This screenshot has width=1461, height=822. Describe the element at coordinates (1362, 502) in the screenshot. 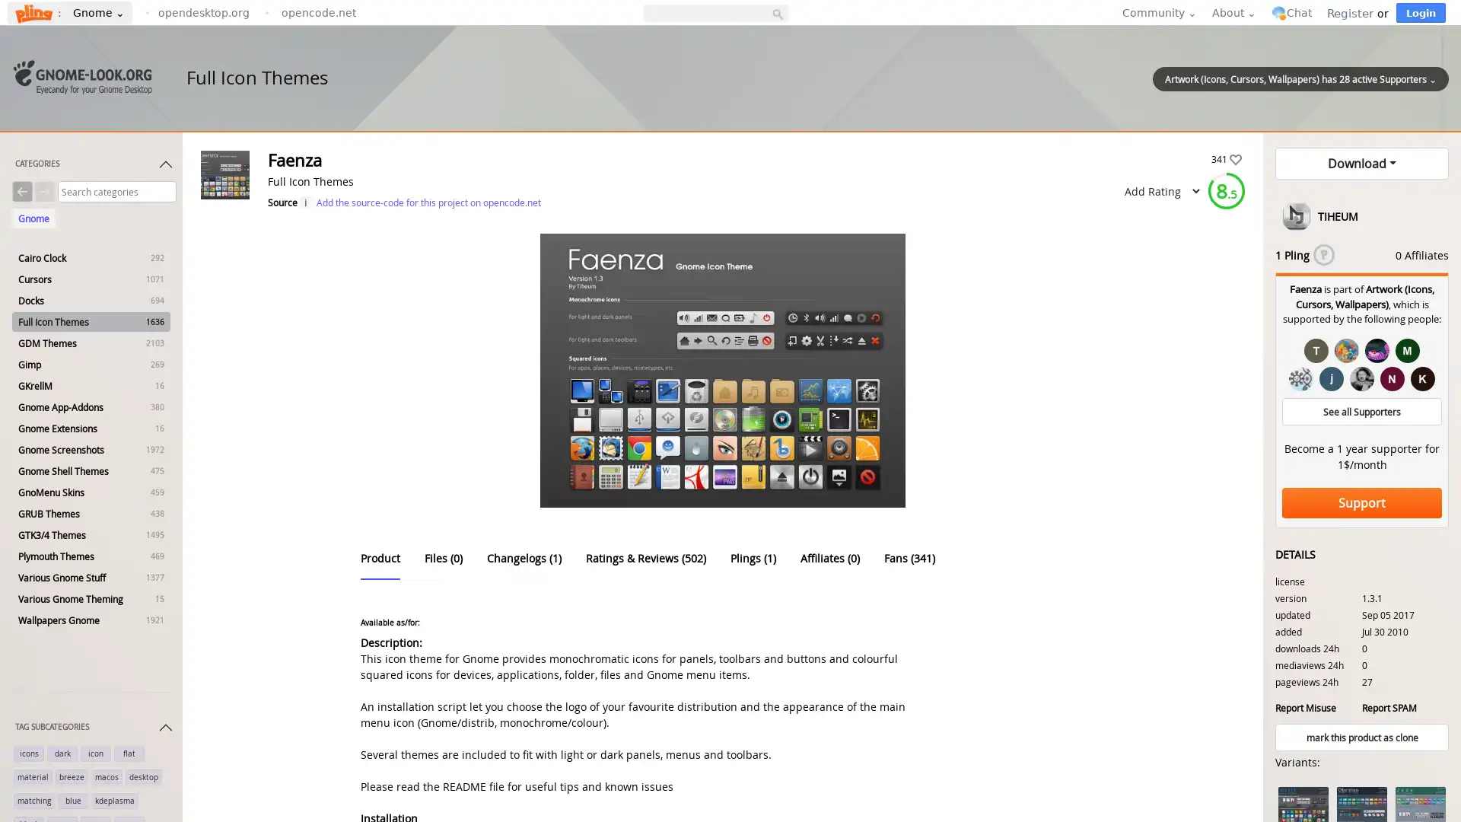

I see `Support` at that location.